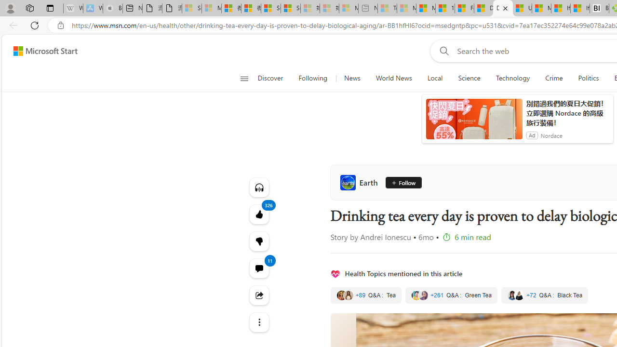 The width and height of the screenshot is (617, 347). What do you see at coordinates (367, 8) in the screenshot?
I see `'New tab - Sleeping'` at bounding box center [367, 8].